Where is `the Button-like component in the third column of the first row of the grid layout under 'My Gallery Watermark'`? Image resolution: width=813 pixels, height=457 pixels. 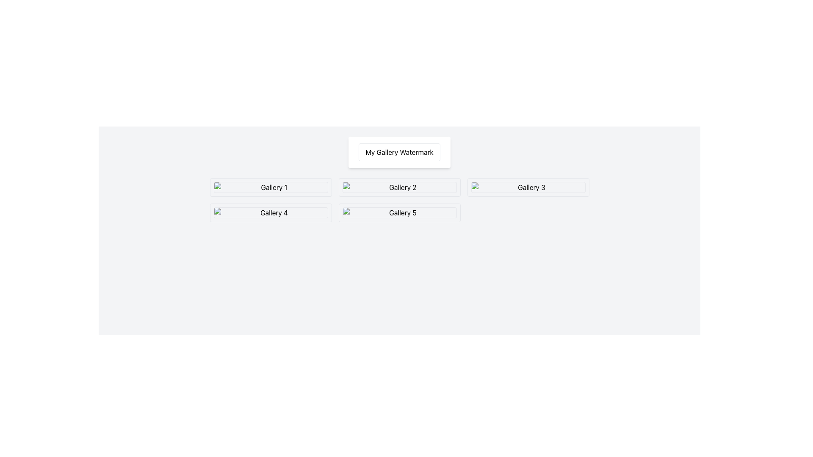
the Button-like component in the third column of the first row of the grid layout under 'My Gallery Watermark' is located at coordinates (528, 187).